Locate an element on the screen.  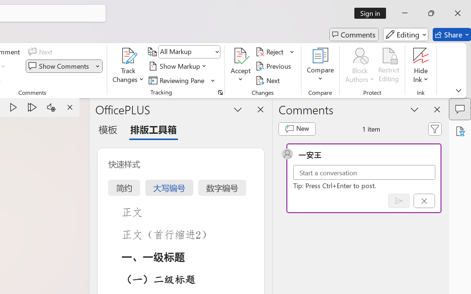
'Hide Ink' is located at coordinates (421, 66).